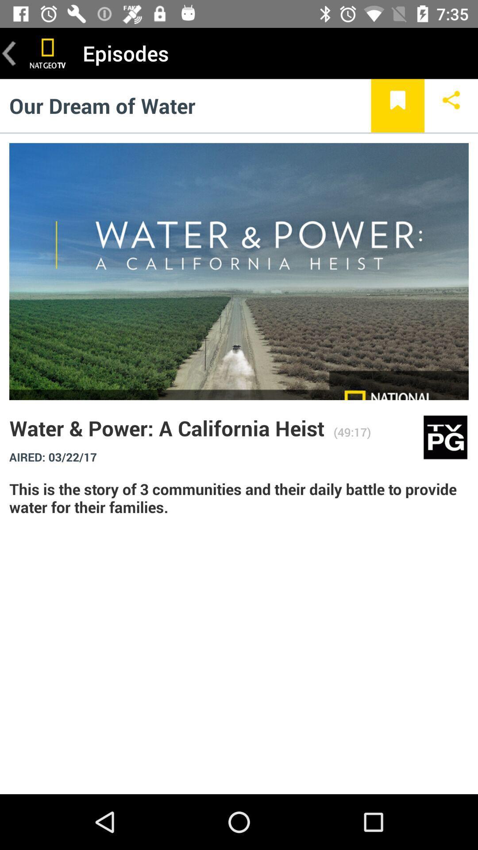  Describe the element at coordinates (48, 53) in the screenshot. I see `home page` at that location.